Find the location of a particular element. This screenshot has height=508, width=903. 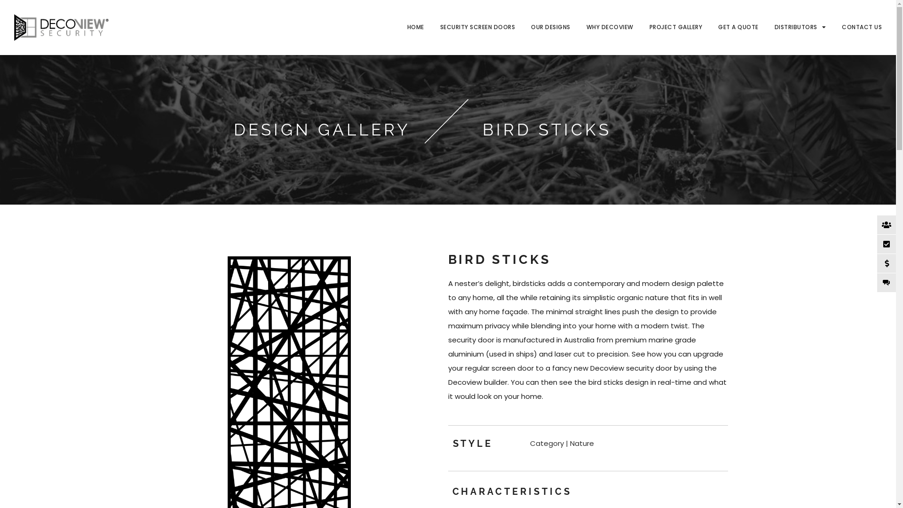

'GET A QUOTE' is located at coordinates (737, 26).